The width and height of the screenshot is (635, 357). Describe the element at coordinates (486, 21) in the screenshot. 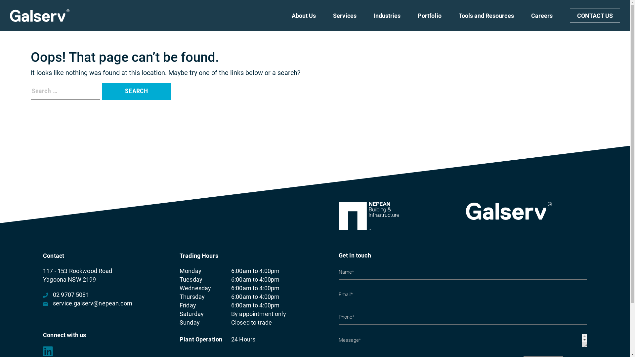

I see `'Tools and Resources'` at that location.